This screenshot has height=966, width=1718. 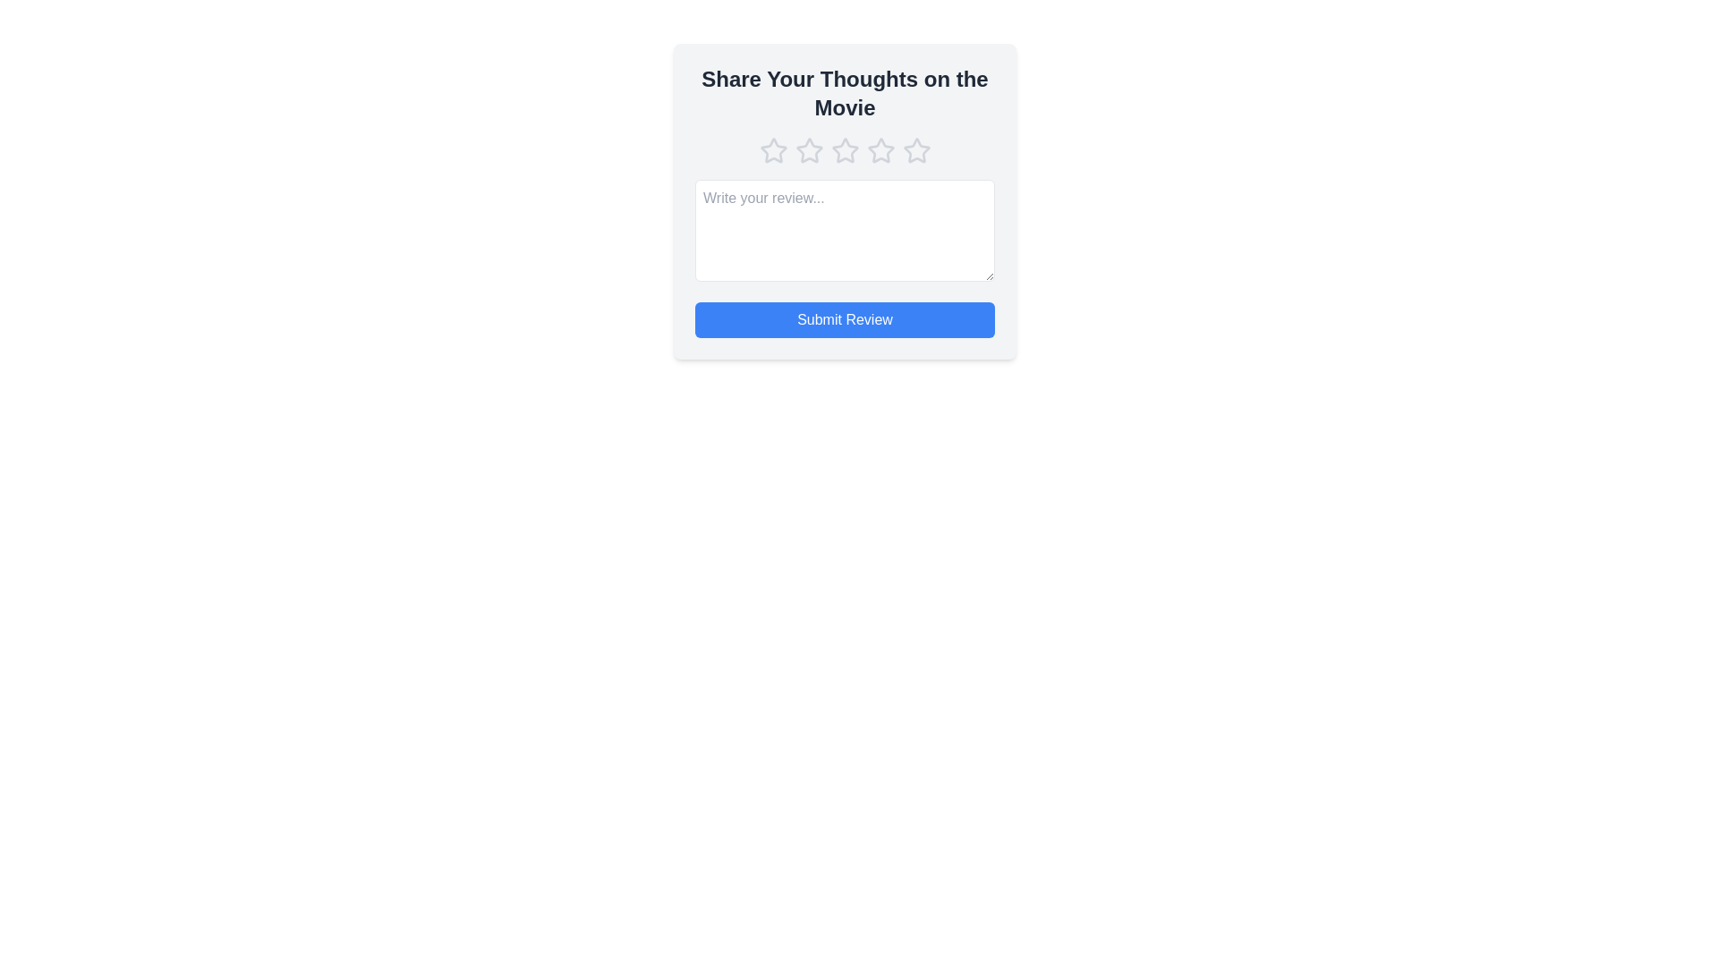 I want to click on the last star-shaped icon in the rating system, so click(x=916, y=150).